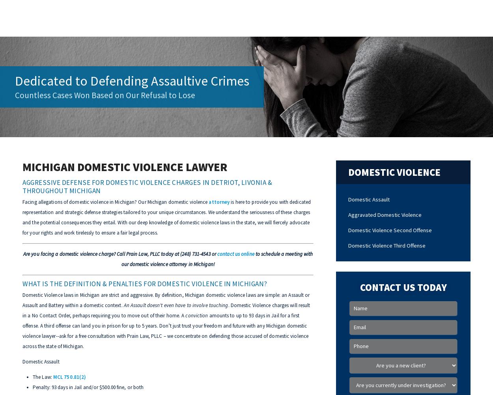 This screenshot has height=395, width=493. I want to click on 'Michigan Domestic Violence Lawyer', so click(125, 166).